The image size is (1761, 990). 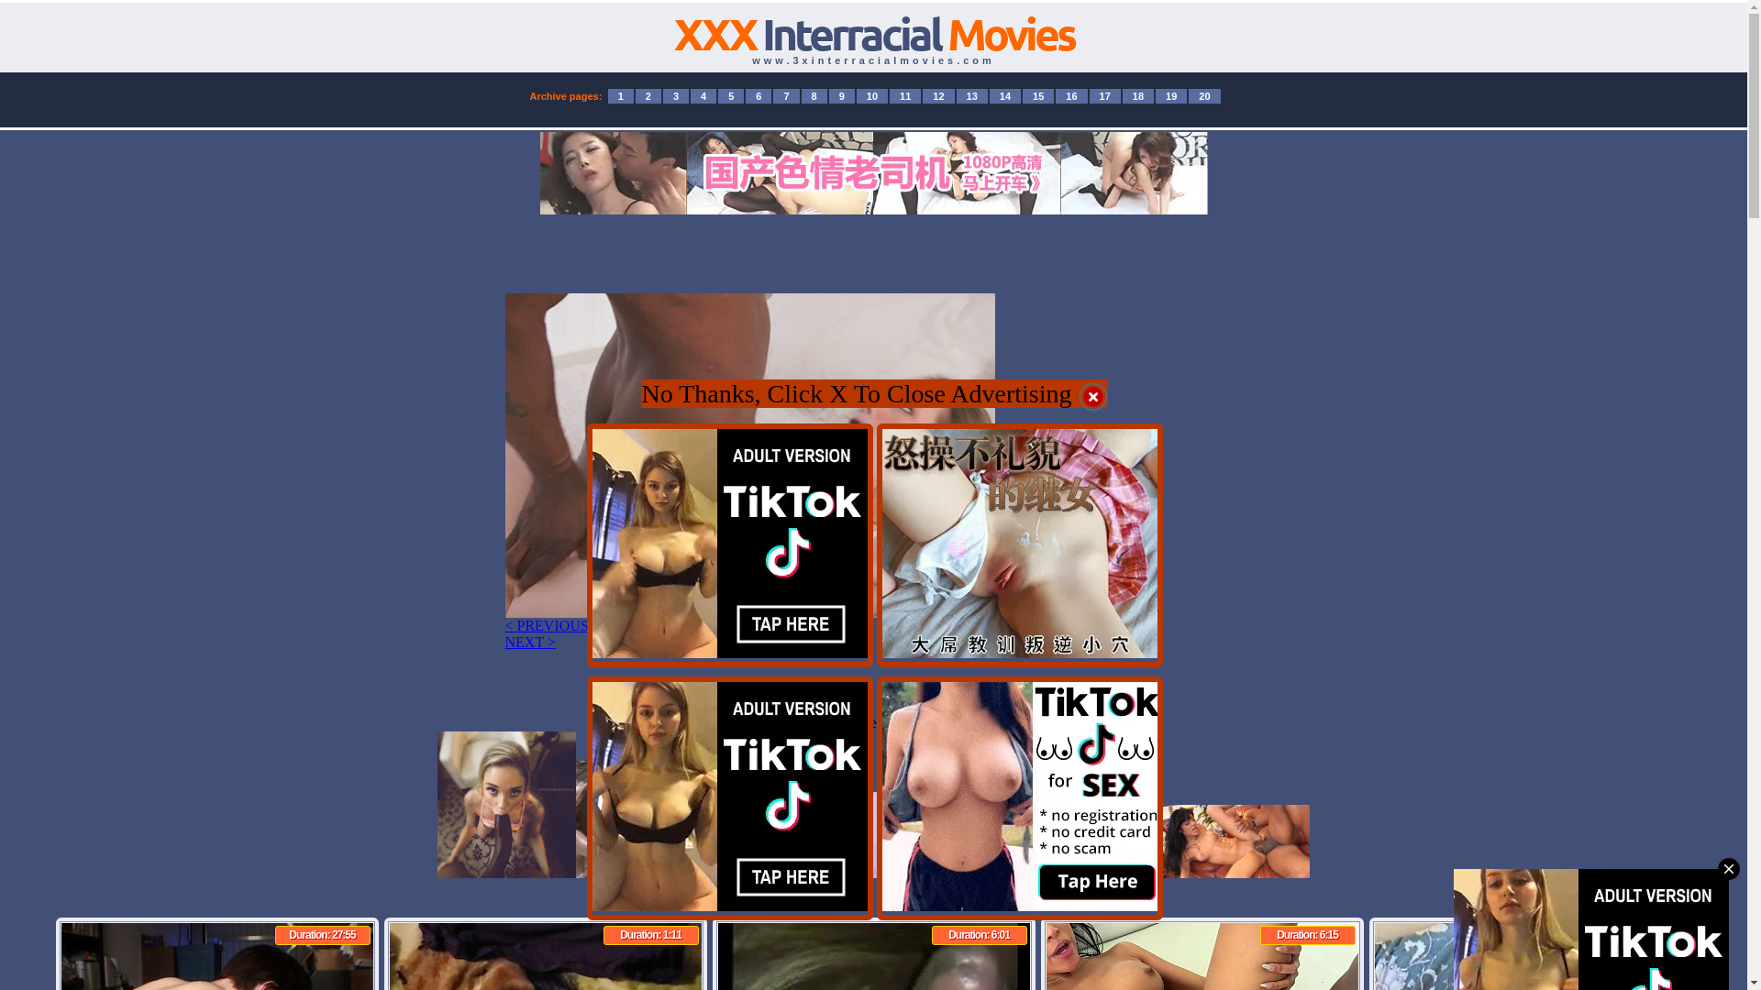 I want to click on '15', so click(x=1038, y=95).